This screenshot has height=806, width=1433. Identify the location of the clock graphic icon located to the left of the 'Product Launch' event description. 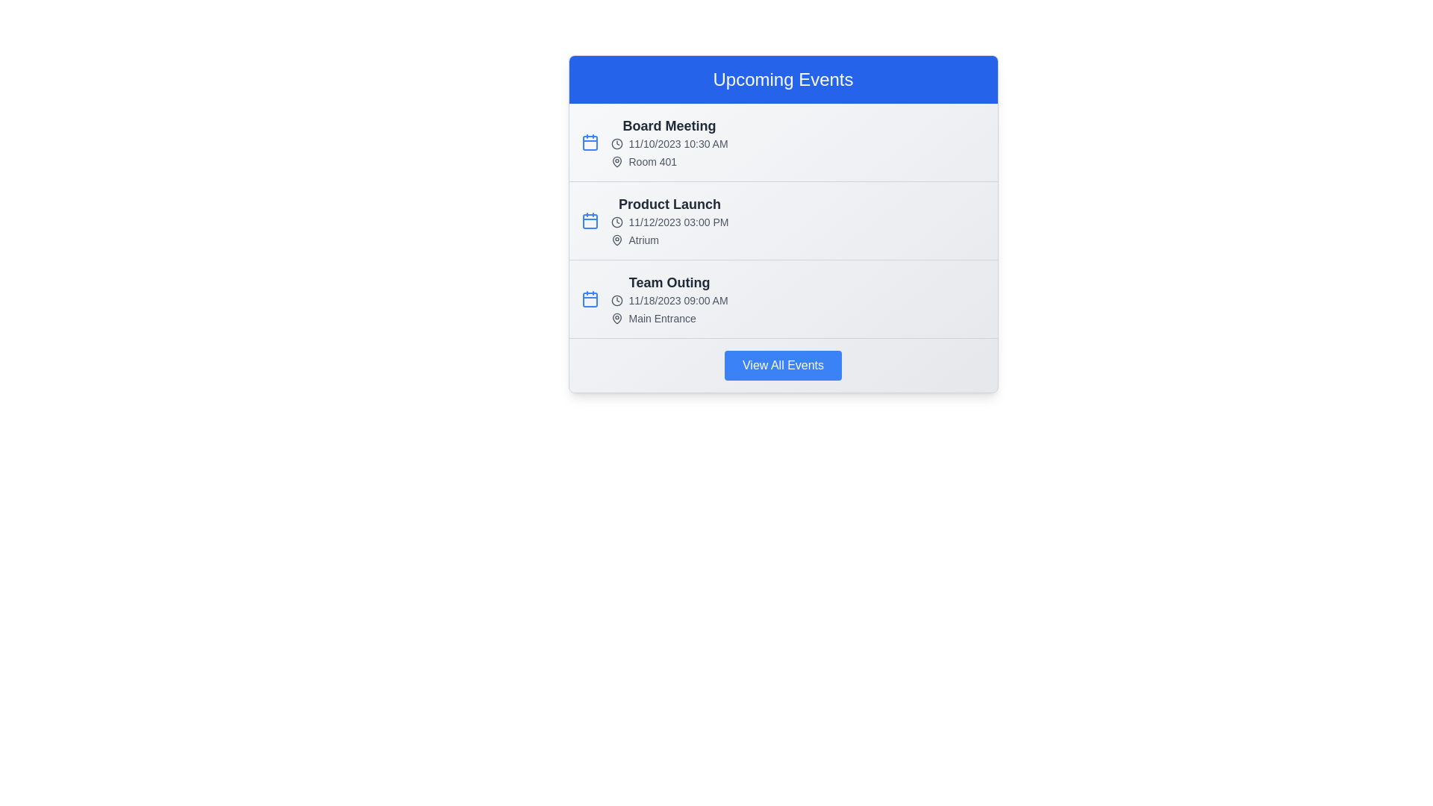
(616, 222).